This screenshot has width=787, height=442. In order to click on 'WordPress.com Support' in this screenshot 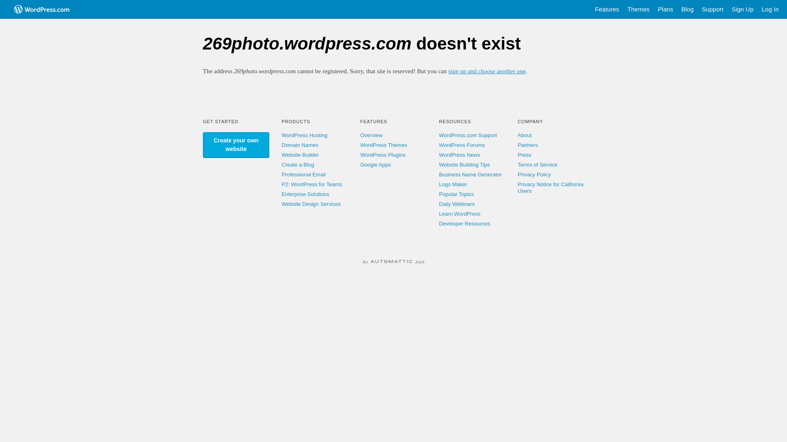, I will do `click(468, 135)`.